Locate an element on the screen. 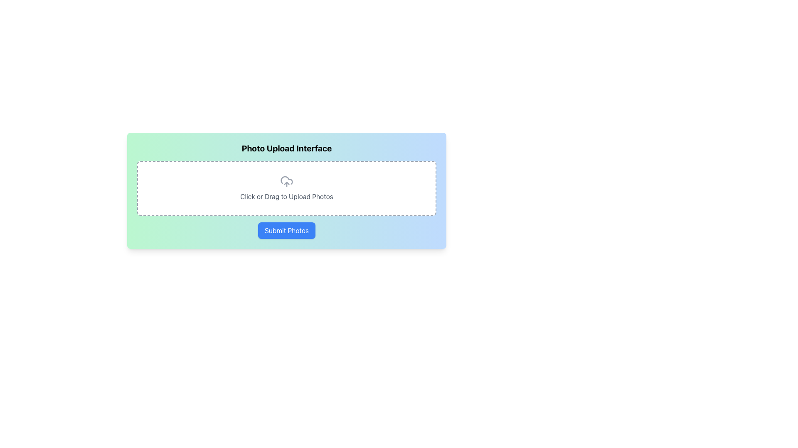  the 'Submit Photos' button with a solid blue background and white text, located at the bottom of the 'Photo Upload Interface' is located at coordinates (287, 230).